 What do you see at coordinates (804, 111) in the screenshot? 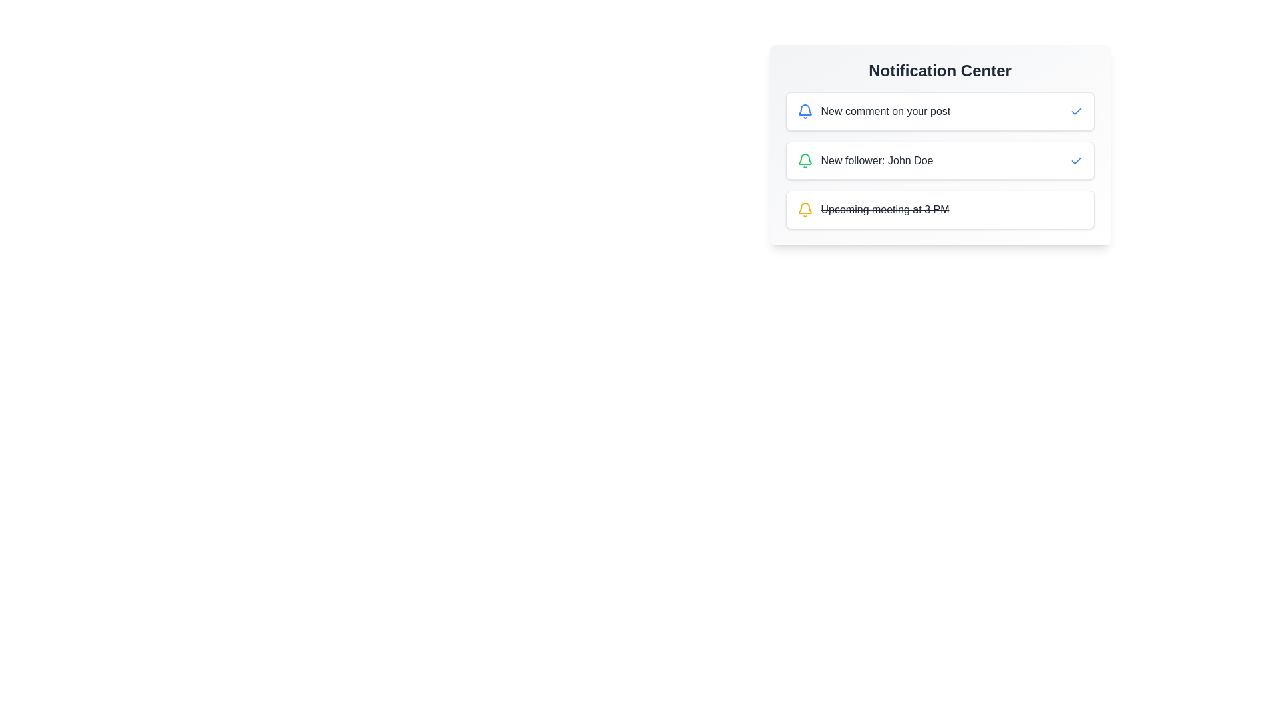
I see `the bell icon that represents a notification for 'New comment on your post', which is located to the far left of the first notification entry in the Notification Center` at bounding box center [804, 111].